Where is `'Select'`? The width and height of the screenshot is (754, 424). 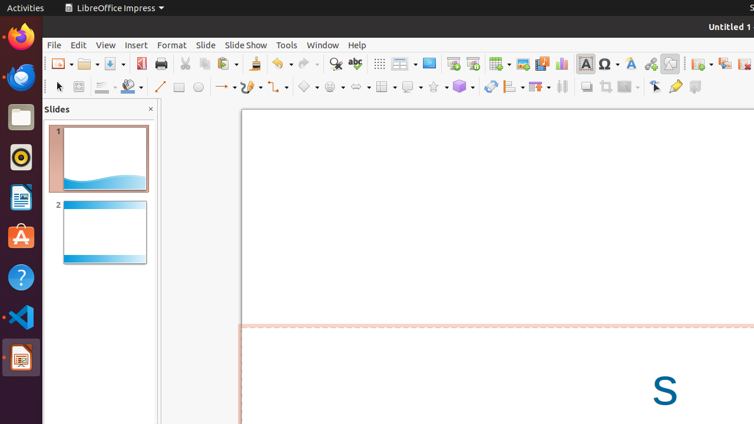
'Select' is located at coordinates (58, 86).